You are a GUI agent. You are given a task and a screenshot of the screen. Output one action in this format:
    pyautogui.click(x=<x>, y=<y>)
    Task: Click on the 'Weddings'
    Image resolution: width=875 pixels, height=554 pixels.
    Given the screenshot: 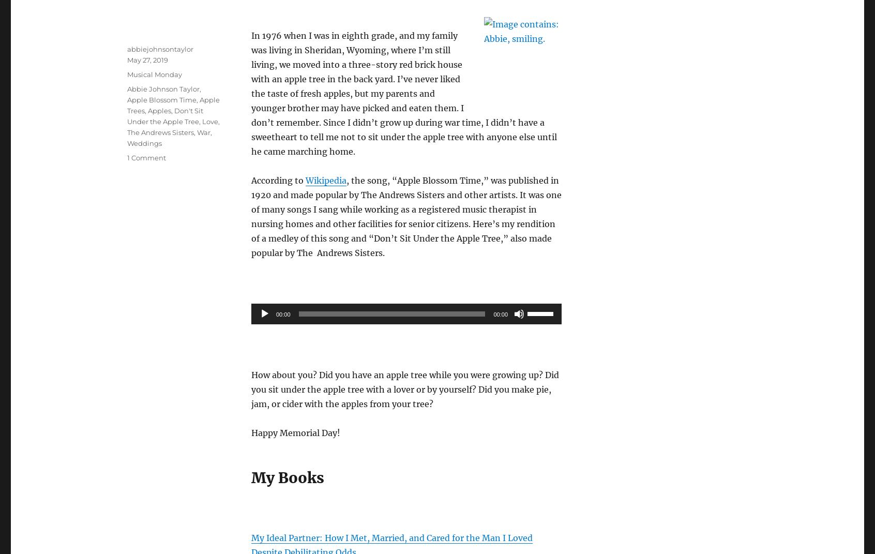 What is the action you would take?
    pyautogui.click(x=144, y=142)
    